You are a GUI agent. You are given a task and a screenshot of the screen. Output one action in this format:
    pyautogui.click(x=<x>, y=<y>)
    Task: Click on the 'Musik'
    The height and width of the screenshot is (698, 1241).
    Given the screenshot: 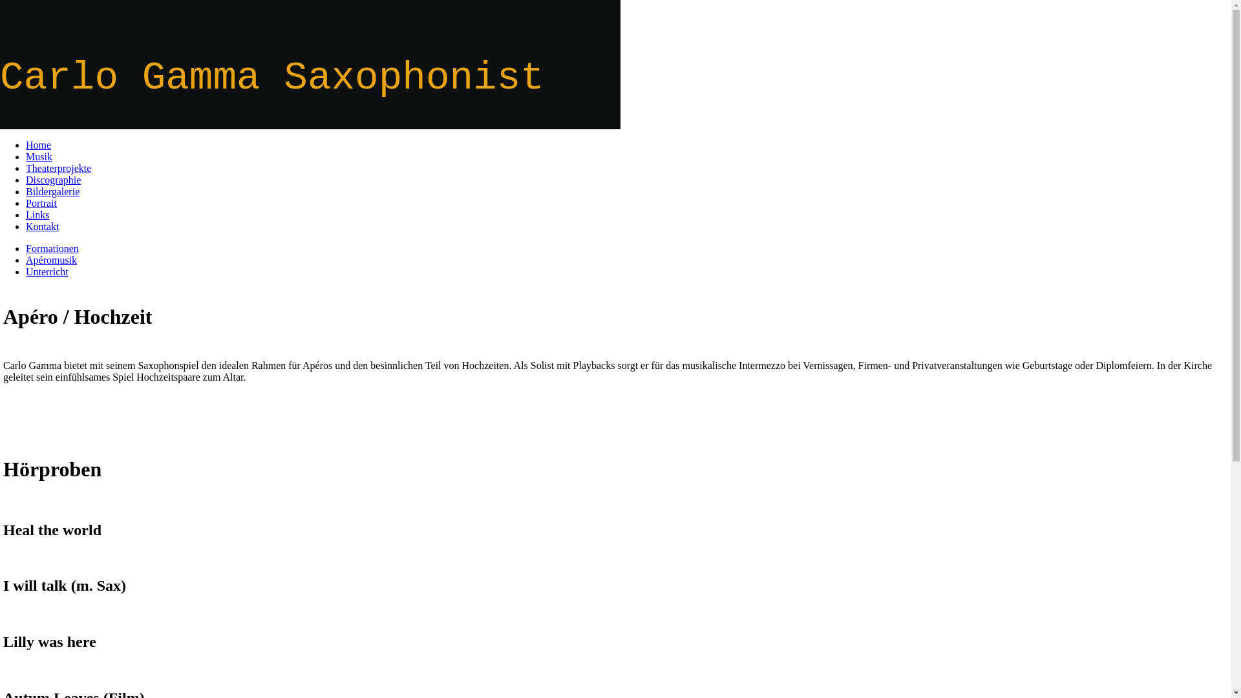 What is the action you would take?
    pyautogui.click(x=39, y=156)
    